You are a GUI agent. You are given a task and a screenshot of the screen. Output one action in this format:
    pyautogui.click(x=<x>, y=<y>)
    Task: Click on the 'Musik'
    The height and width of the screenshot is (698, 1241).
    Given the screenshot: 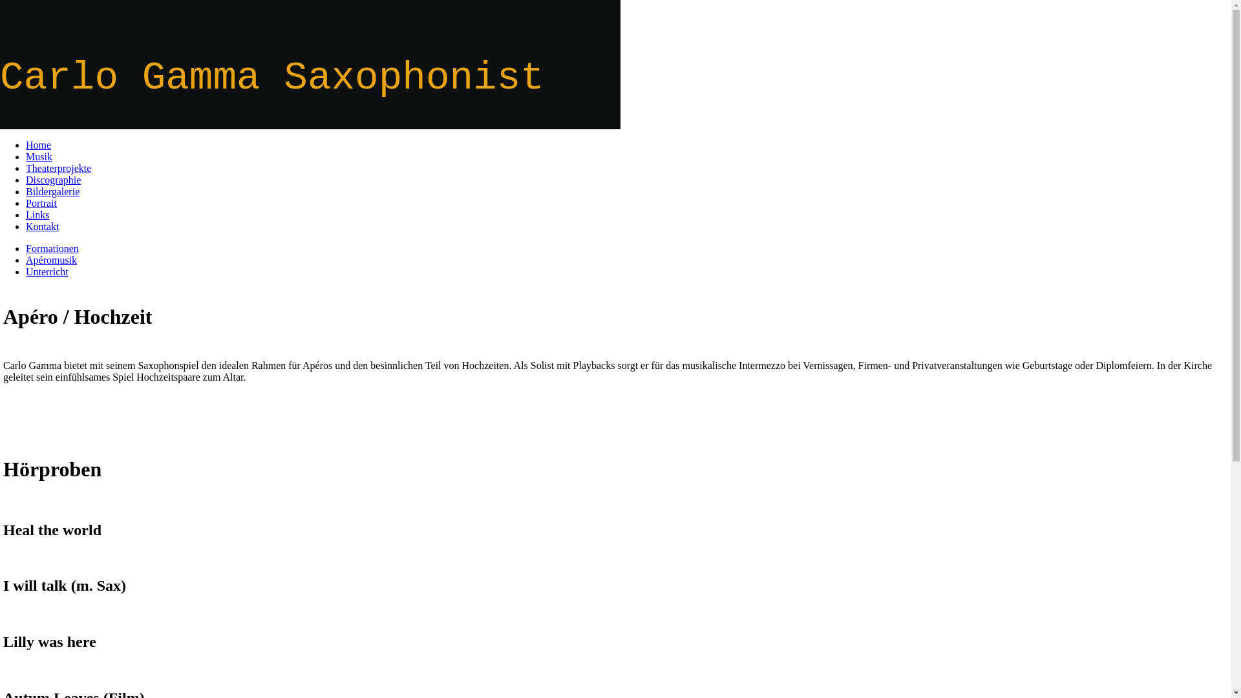 What is the action you would take?
    pyautogui.click(x=39, y=156)
    